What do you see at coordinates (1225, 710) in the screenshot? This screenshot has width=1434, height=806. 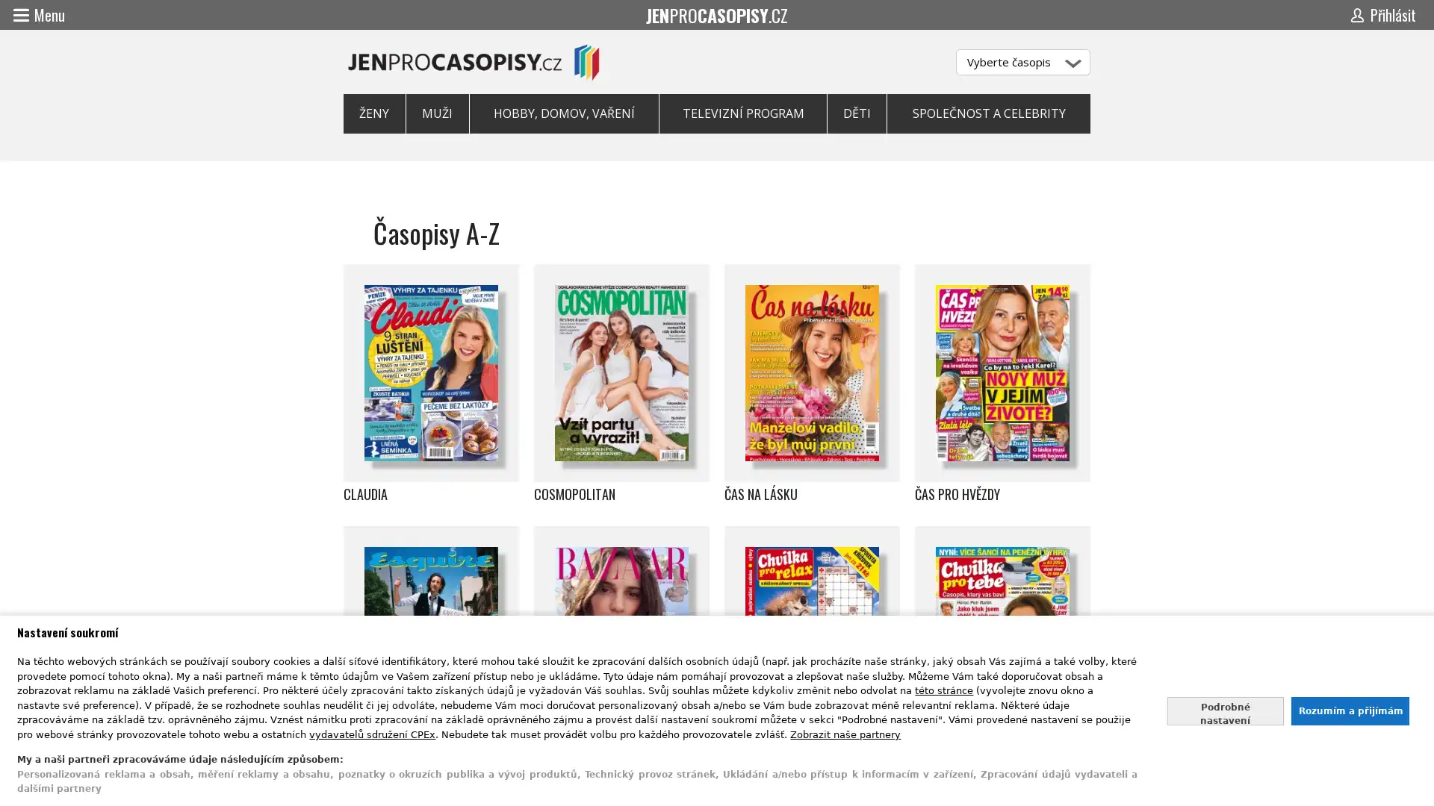 I see `Nastavte sve souhlasy` at bounding box center [1225, 710].